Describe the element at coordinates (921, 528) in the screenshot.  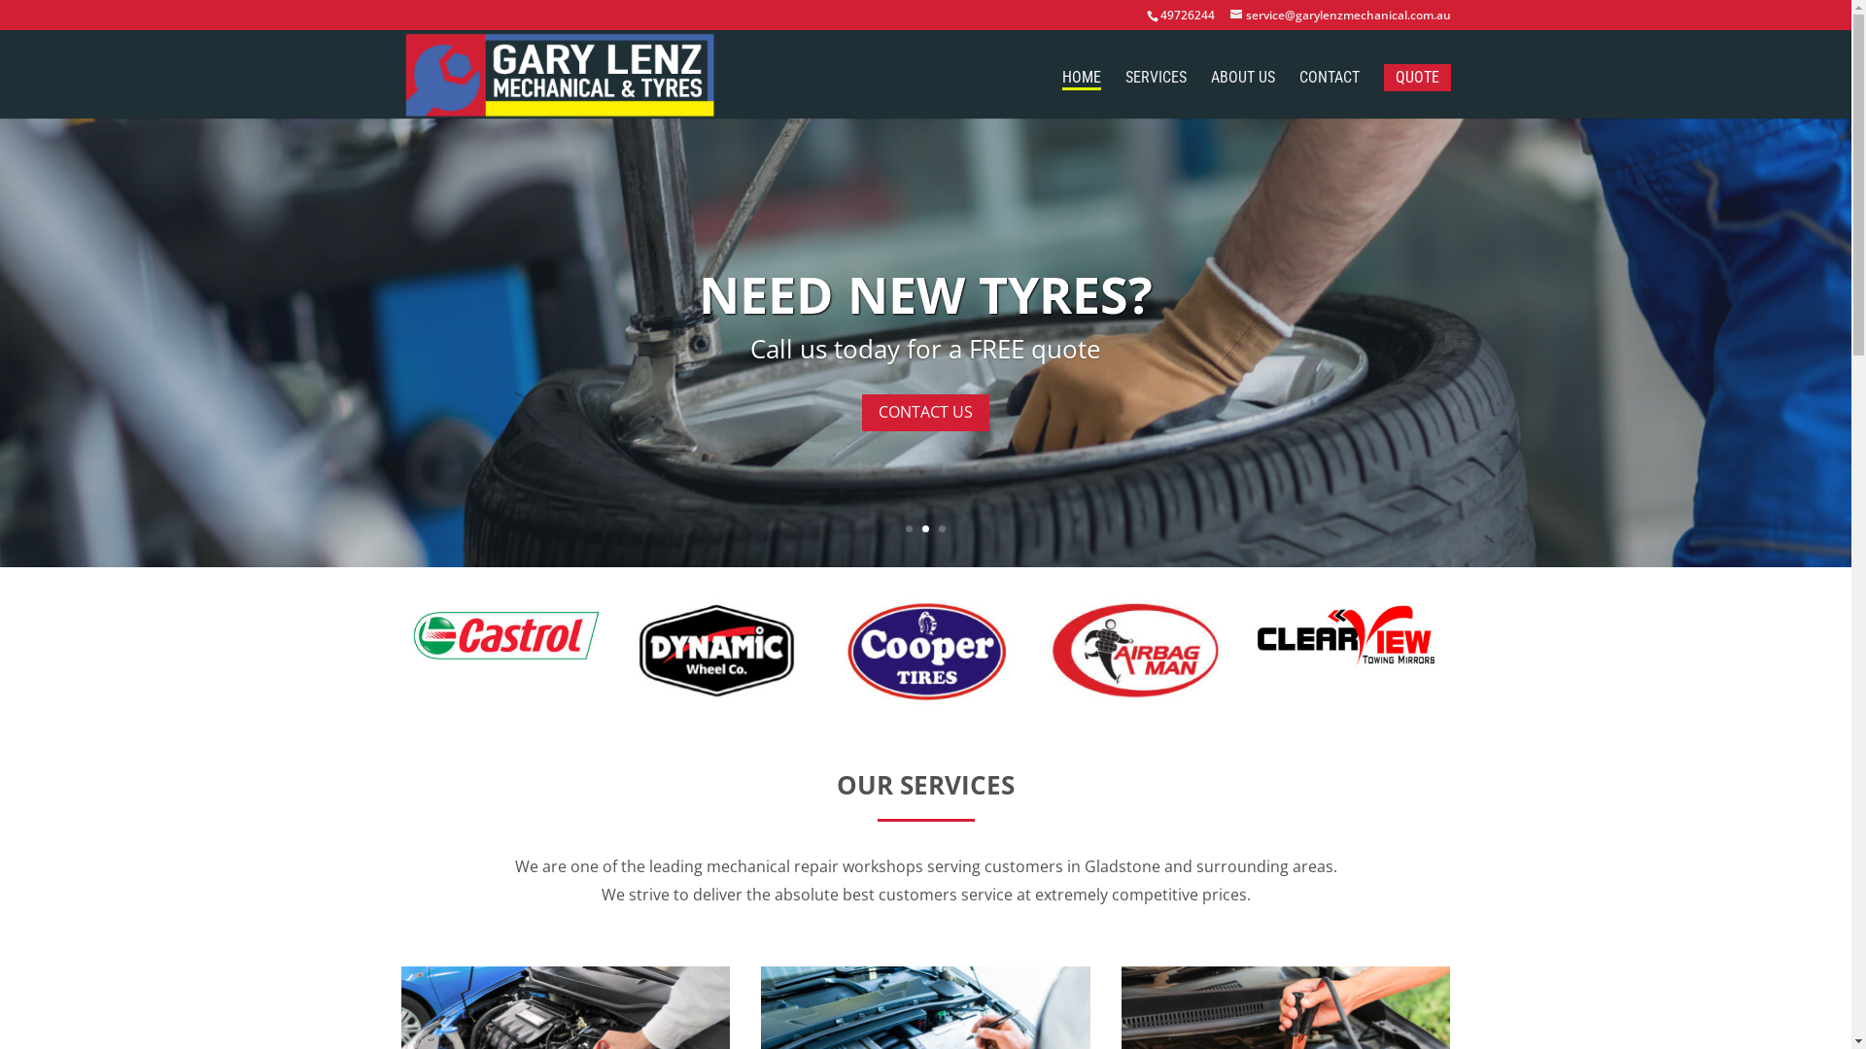
I see `'2'` at that location.